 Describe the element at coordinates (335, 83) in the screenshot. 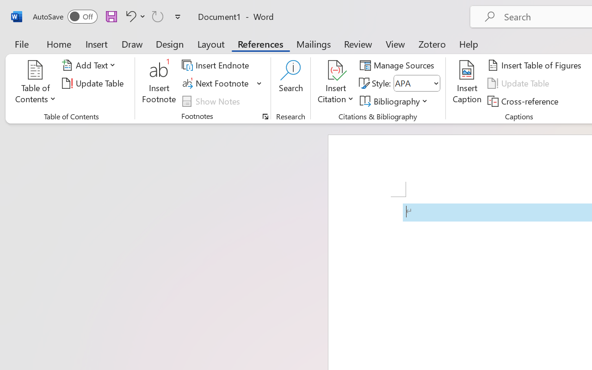

I see `'Insert Citation'` at that location.